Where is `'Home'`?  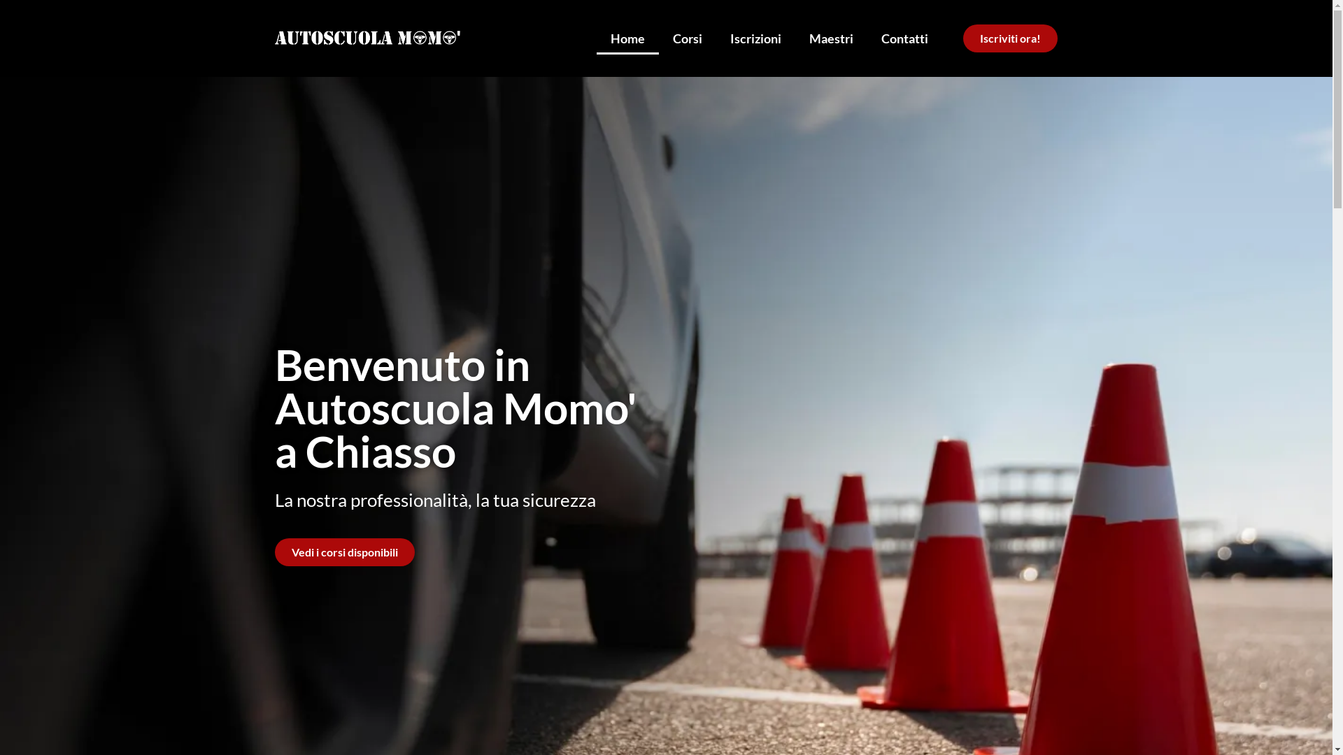
'Home' is located at coordinates (627, 37).